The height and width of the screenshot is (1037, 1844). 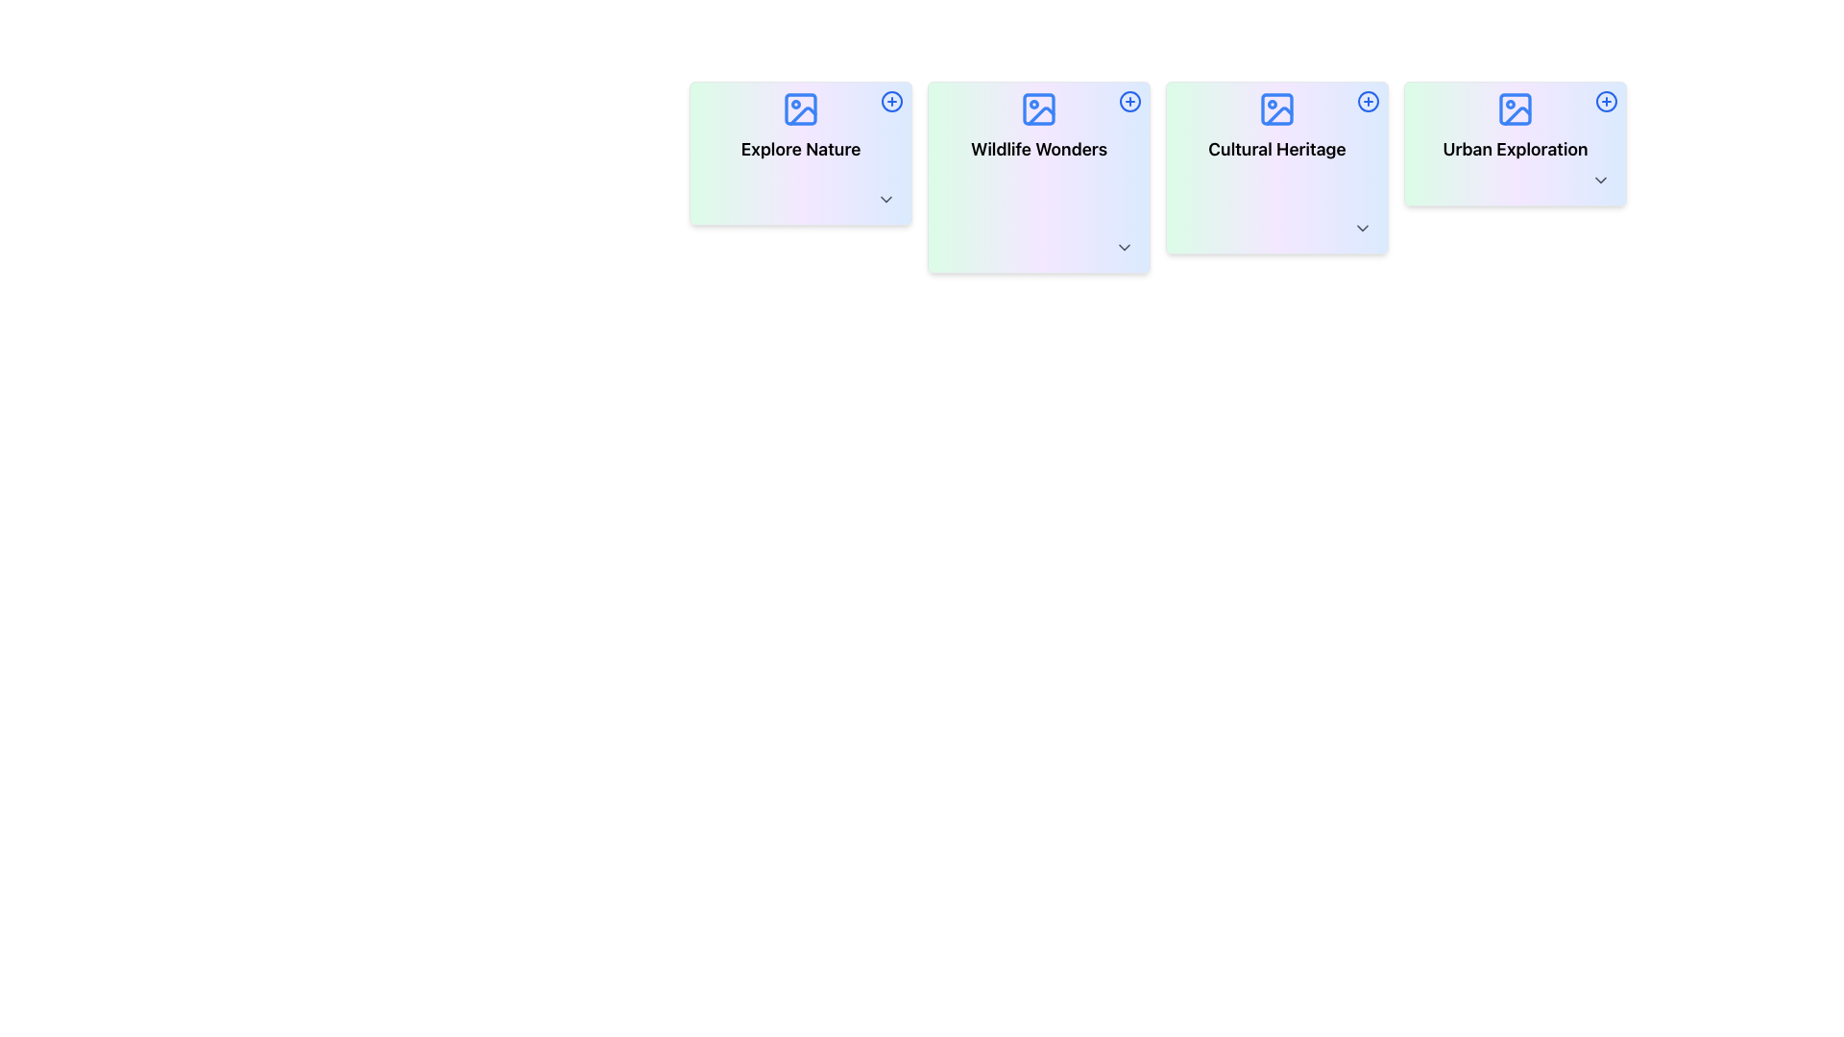 What do you see at coordinates (1516, 115) in the screenshot?
I see `the visual decoration element of the 'Urban Exploration' card, located in the header area to the right of three other cards` at bounding box center [1516, 115].